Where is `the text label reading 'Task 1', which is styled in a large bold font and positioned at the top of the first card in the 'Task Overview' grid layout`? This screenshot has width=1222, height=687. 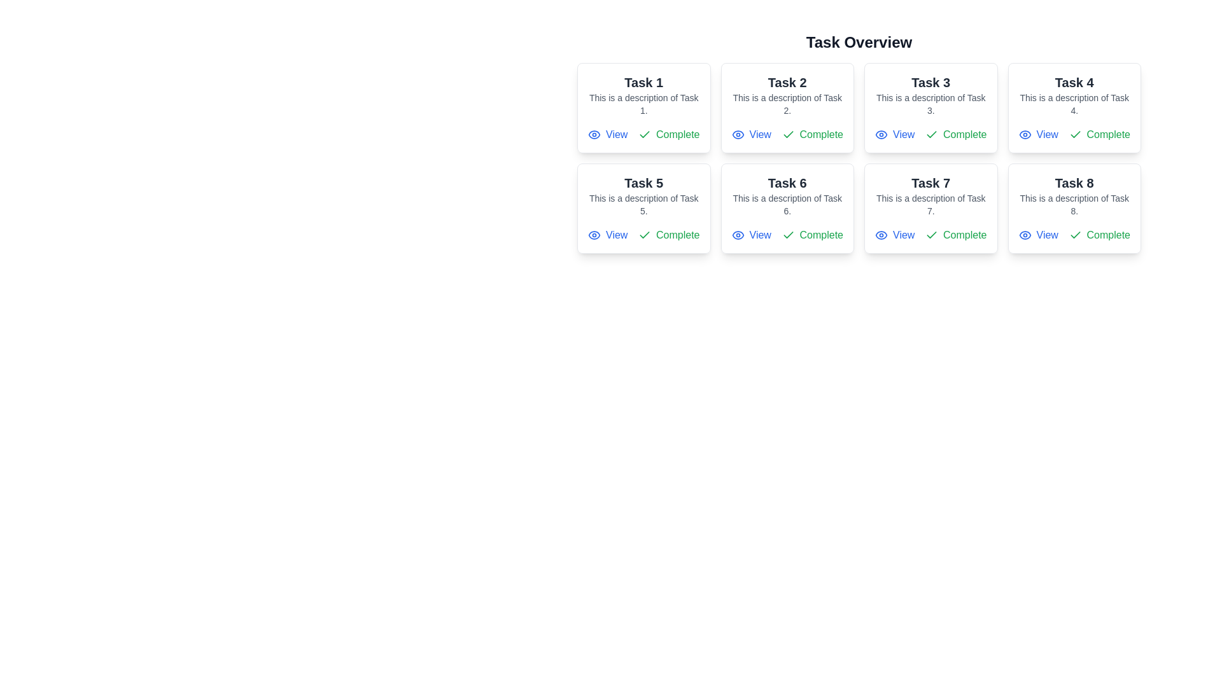
the text label reading 'Task 1', which is styled in a large bold font and positioned at the top of the first card in the 'Task Overview' grid layout is located at coordinates (643, 83).